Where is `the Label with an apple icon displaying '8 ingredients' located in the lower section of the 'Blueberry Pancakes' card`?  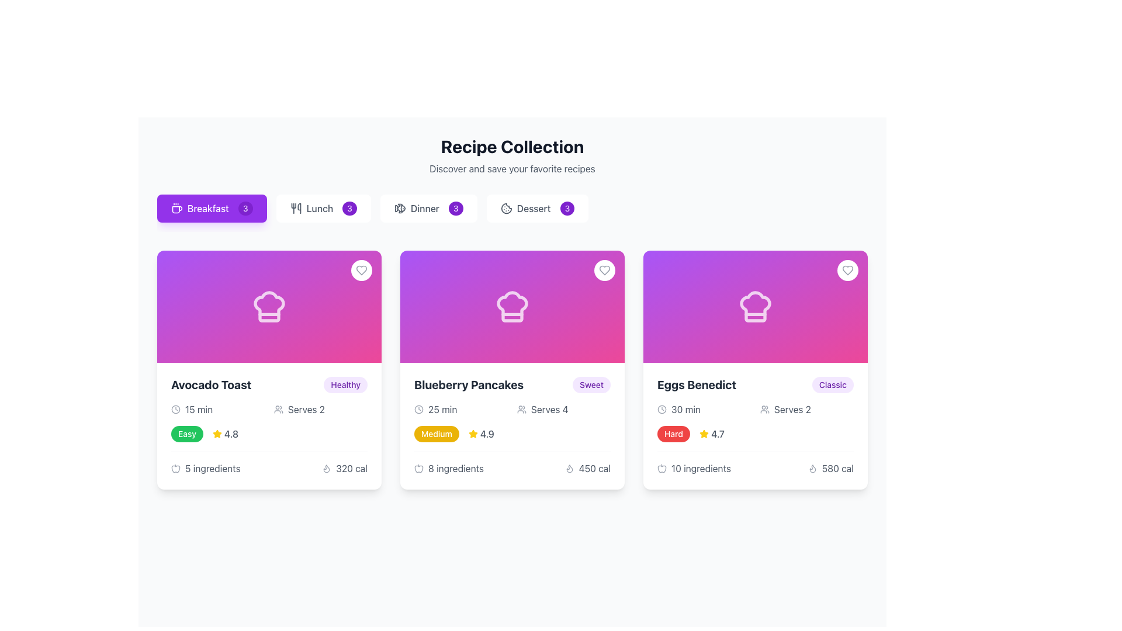
the Label with an apple icon displaying '8 ingredients' located in the lower section of the 'Blueberry Pancakes' card is located at coordinates (448, 468).